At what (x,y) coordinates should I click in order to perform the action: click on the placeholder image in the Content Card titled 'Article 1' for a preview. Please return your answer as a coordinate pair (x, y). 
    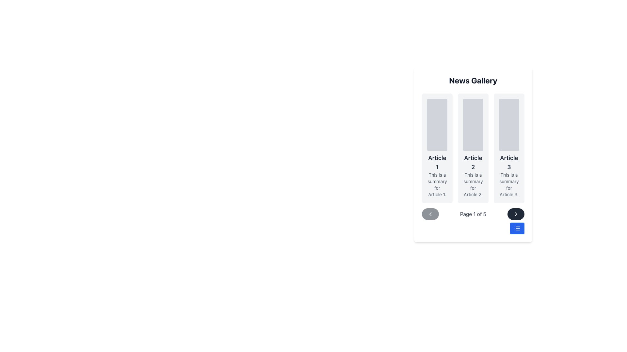
    Looking at the image, I should click on (437, 148).